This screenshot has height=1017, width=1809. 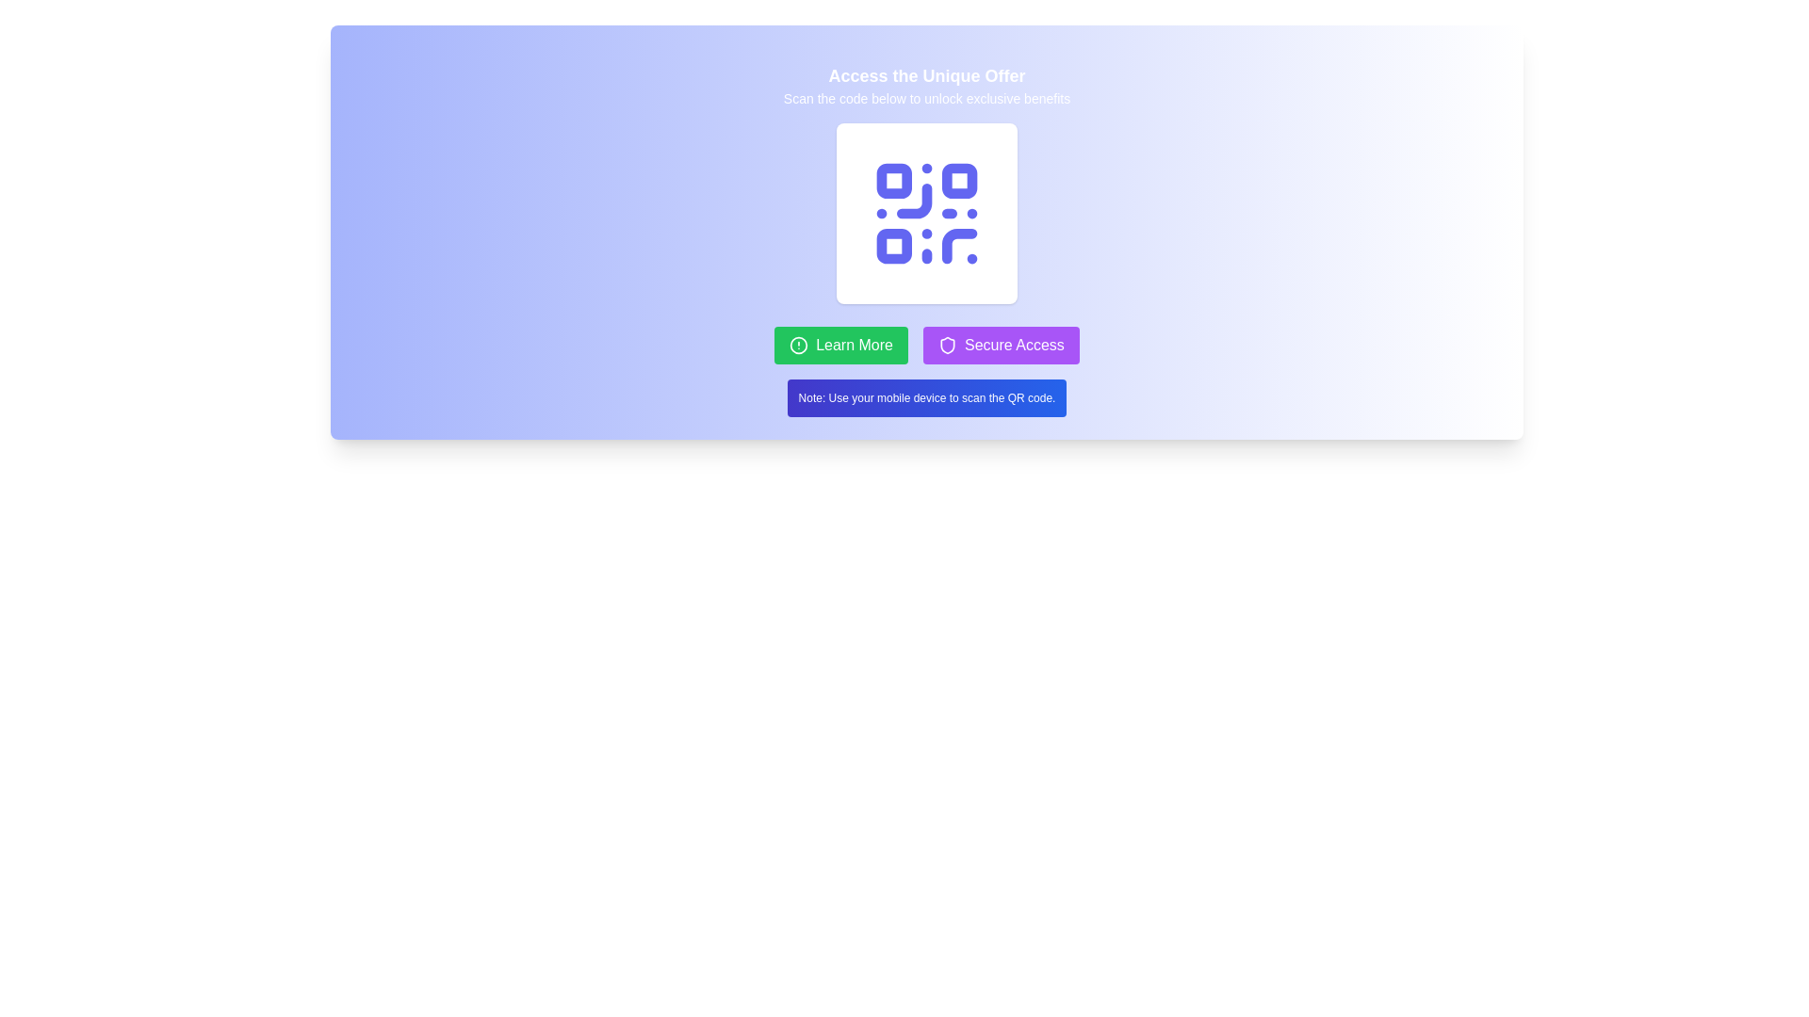 I want to click on the small, blue, square-shaped SVG rectangle with rounded corners located at the top-right of the QR code design, so click(x=959, y=181).